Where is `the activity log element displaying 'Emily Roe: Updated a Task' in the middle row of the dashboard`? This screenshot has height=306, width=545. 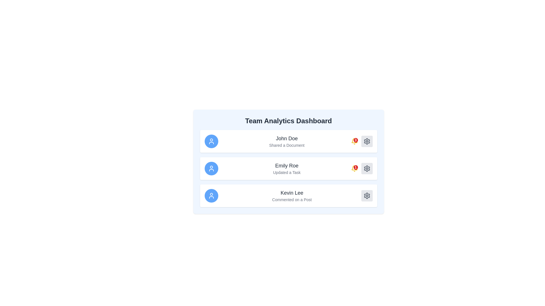 the activity log element displaying 'Emily Roe: Updated a Task' in the middle row of the dashboard is located at coordinates (287, 168).